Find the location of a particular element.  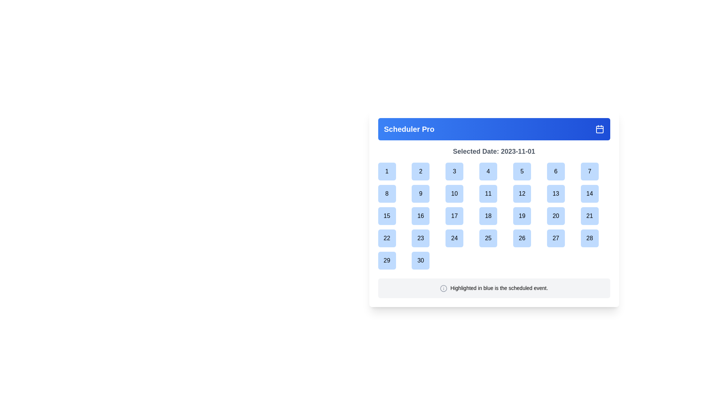

the button representing the 24th day in the bottom row of the calendar date grid is located at coordinates (460, 238).